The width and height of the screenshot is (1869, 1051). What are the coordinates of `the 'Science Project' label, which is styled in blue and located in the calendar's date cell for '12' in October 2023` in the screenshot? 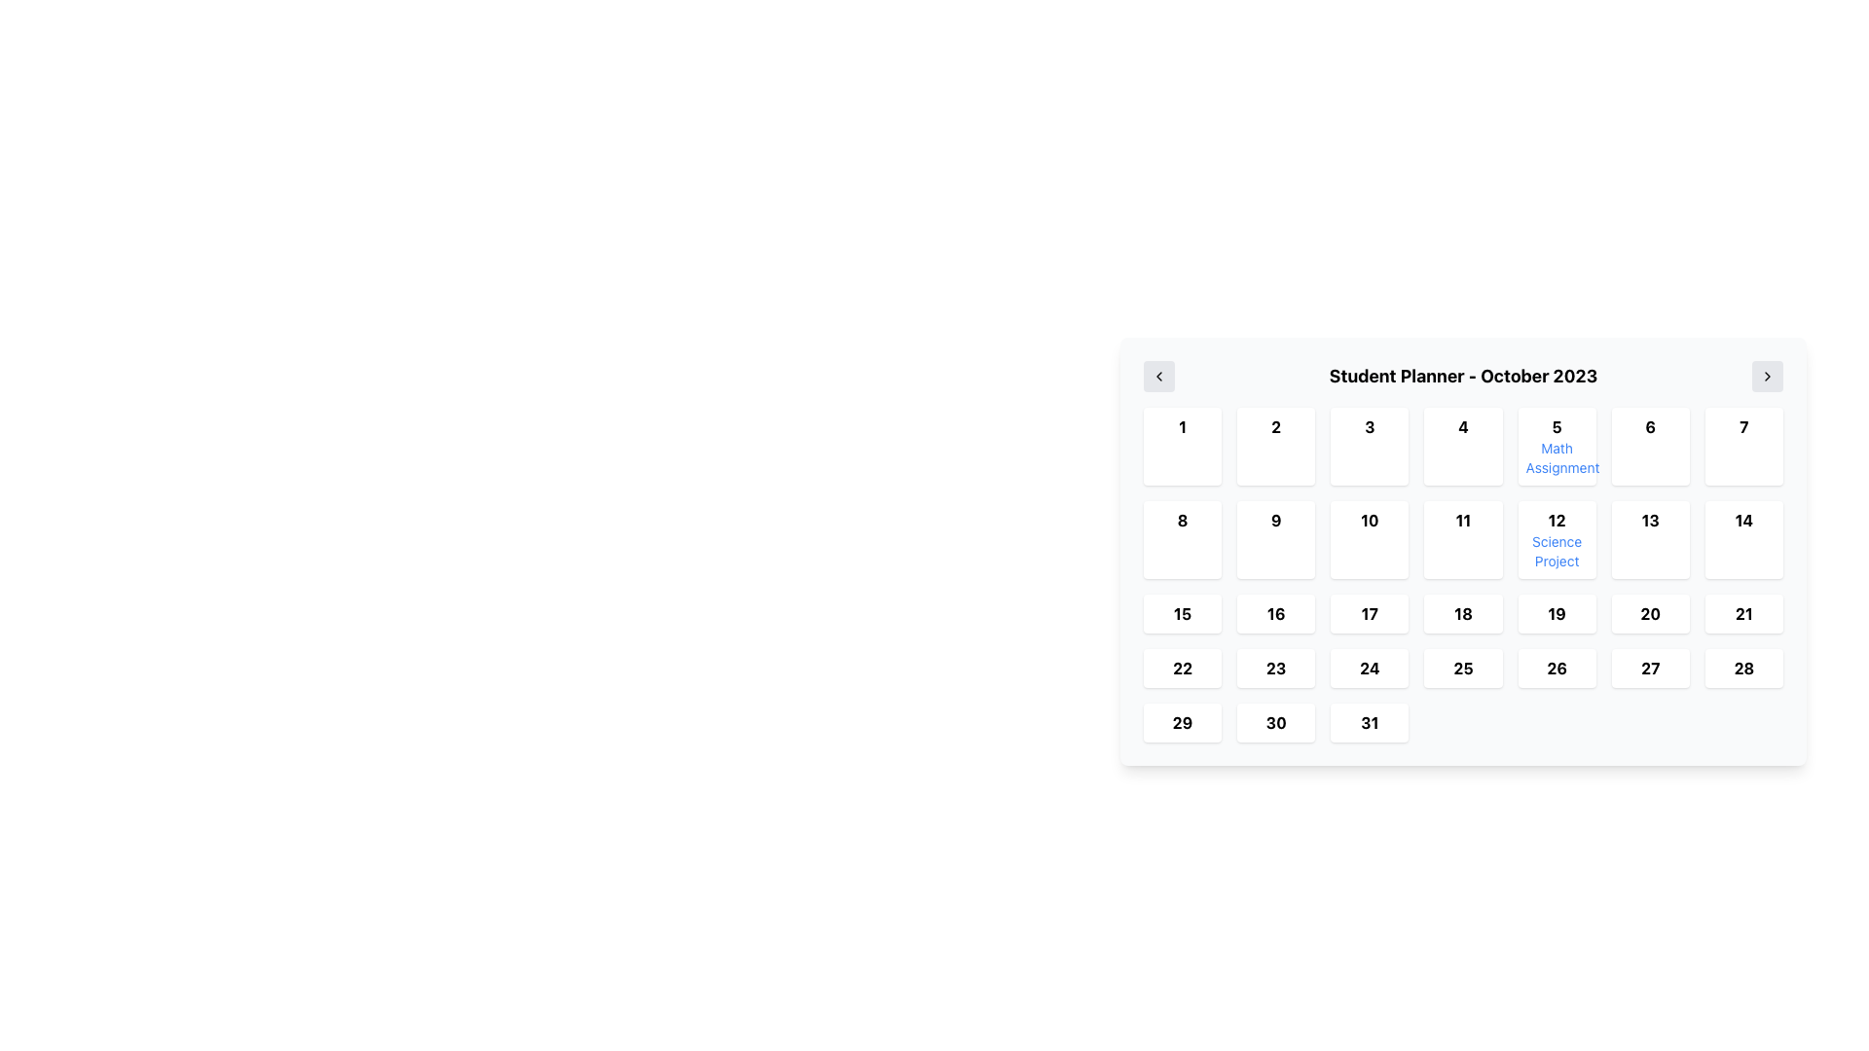 It's located at (1556, 552).